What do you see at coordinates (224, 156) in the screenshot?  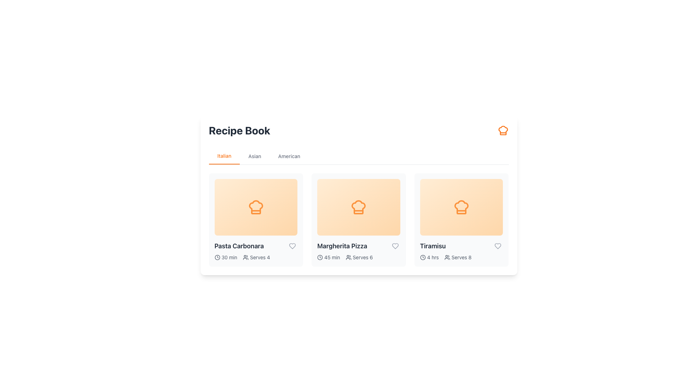 I see `the 'Italian' selectable tab in the culinary category menu` at bounding box center [224, 156].